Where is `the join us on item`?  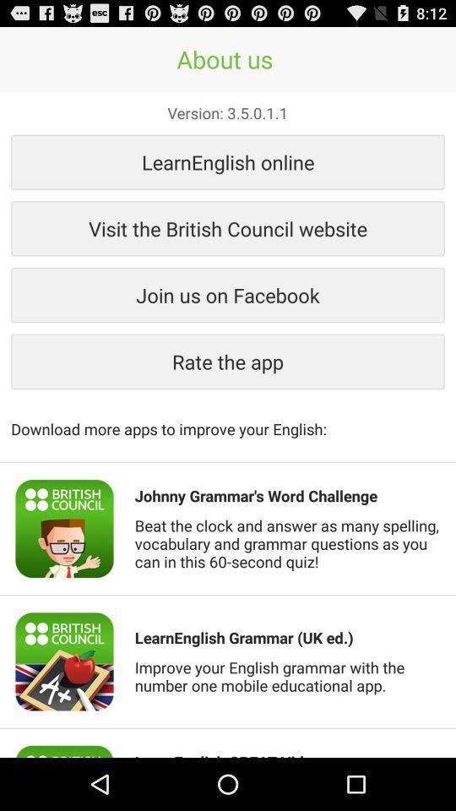
the join us on item is located at coordinates (228, 295).